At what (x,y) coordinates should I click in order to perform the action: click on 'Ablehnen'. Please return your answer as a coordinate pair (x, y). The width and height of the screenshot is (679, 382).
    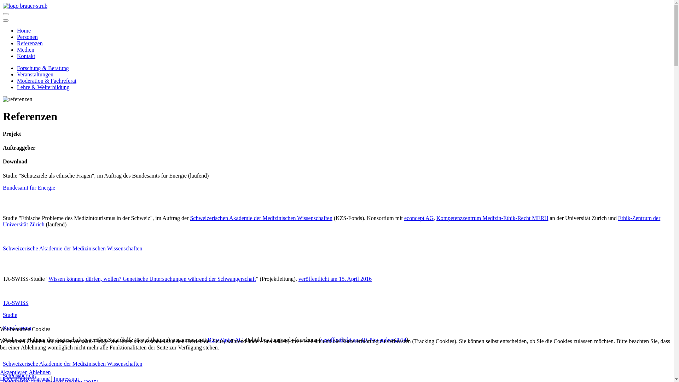
    Looking at the image, I should click on (39, 372).